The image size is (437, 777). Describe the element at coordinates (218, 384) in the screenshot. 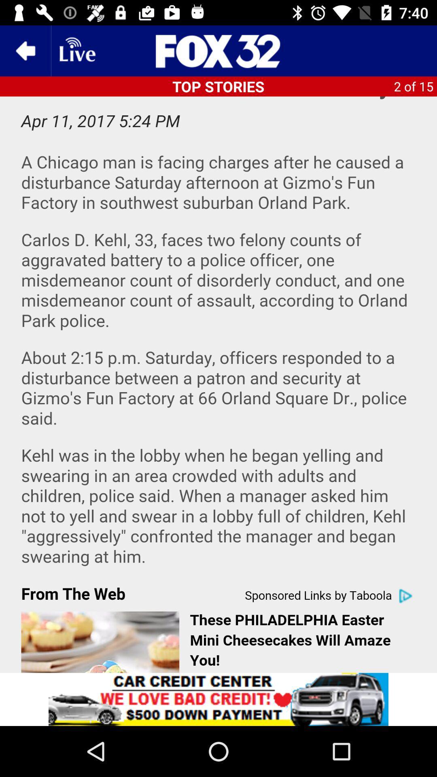

I see `advertisement page` at that location.